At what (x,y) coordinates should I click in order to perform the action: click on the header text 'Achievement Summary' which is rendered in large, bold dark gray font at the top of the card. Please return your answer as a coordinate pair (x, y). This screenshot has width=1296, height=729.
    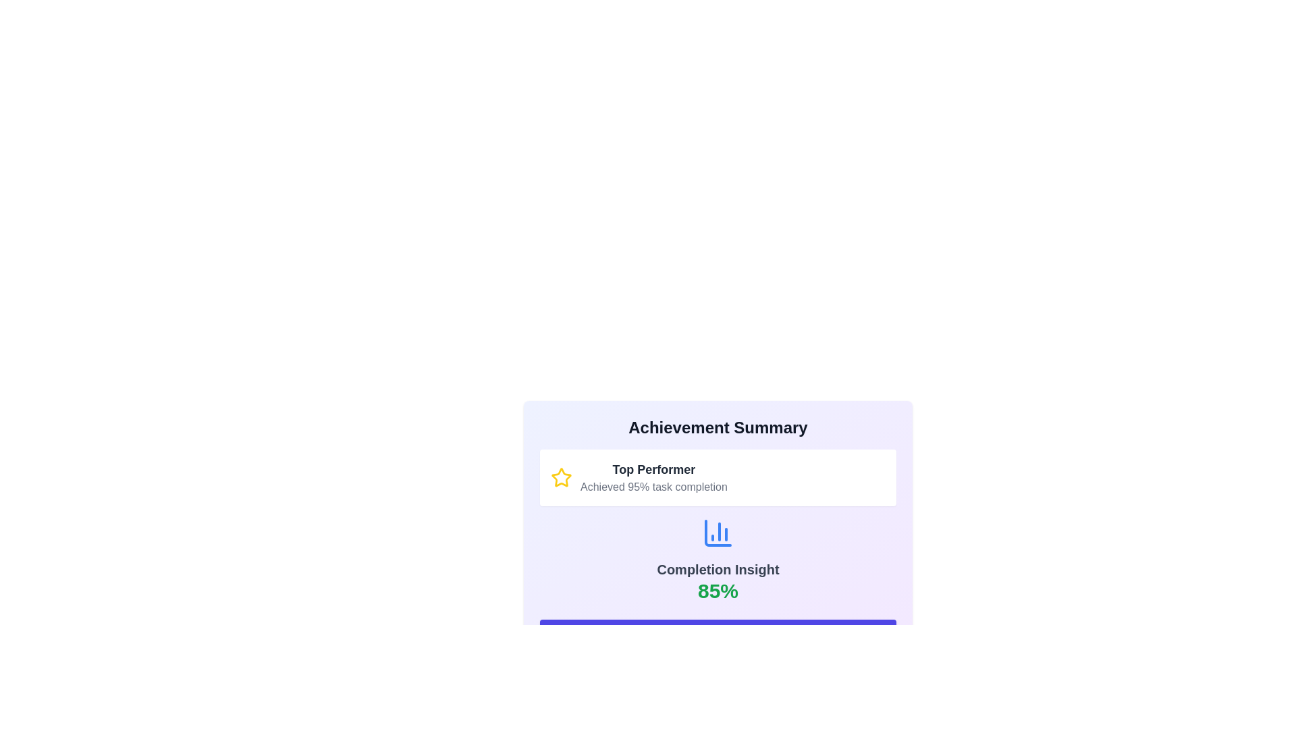
    Looking at the image, I should click on (718, 427).